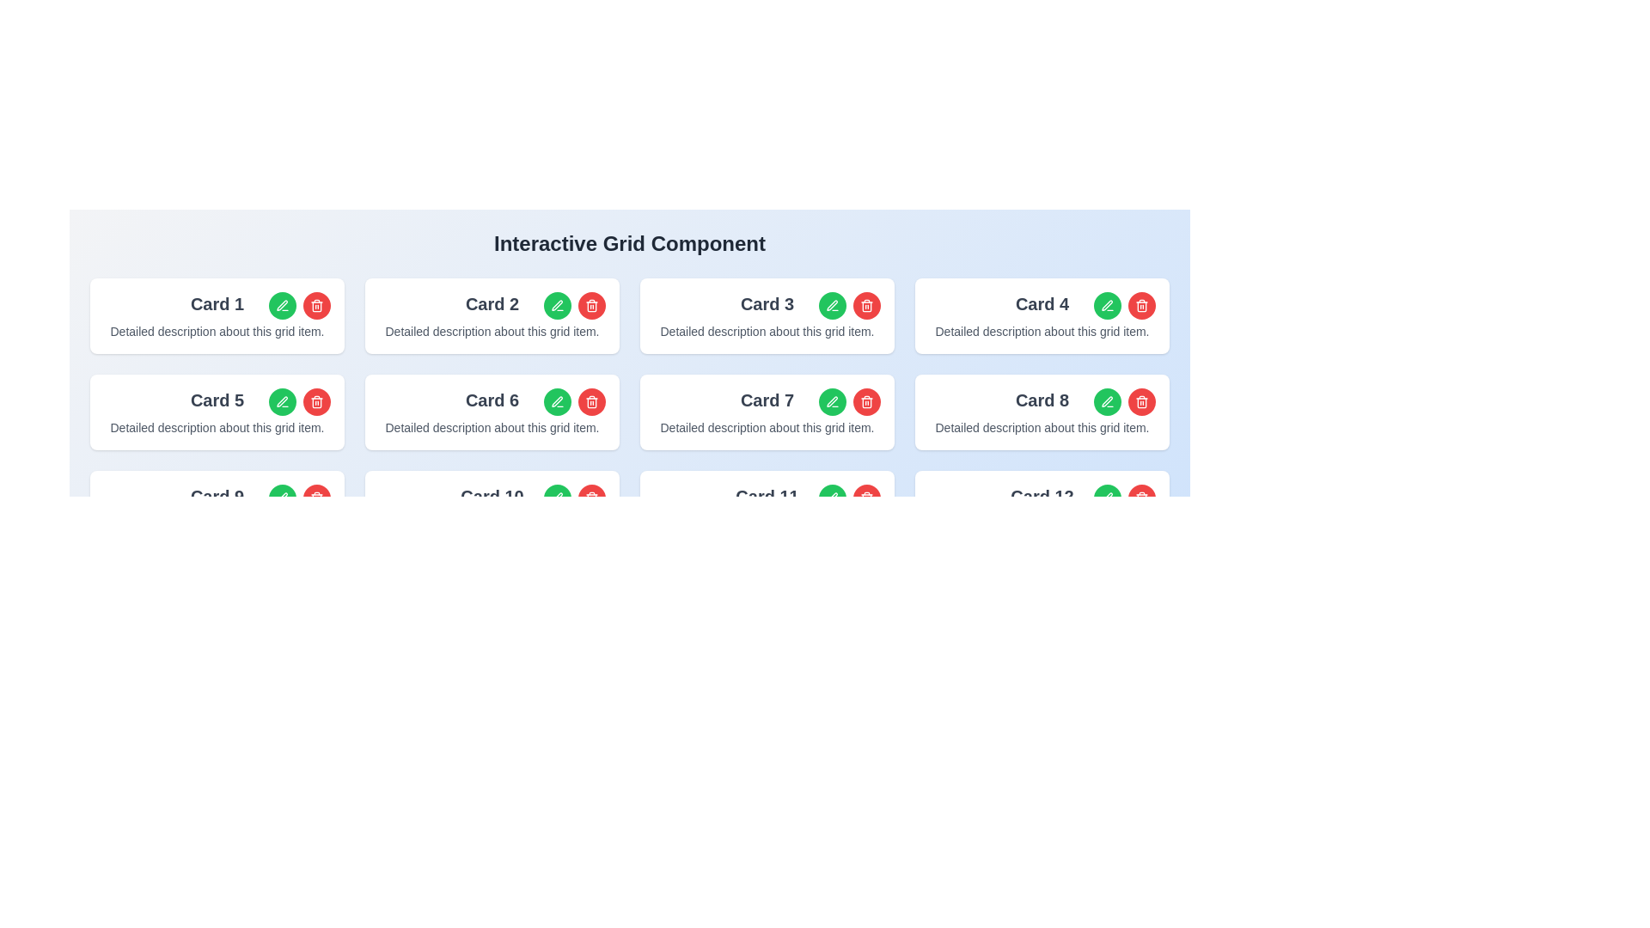 This screenshot has height=928, width=1650. What do you see at coordinates (592, 403) in the screenshot?
I see `the trash icon located within the card labeled 'Card 2'` at bounding box center [592, 403].